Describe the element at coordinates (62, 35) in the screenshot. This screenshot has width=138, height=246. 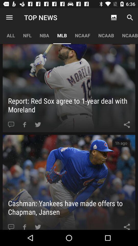
I see `app below the top news item` at that location.